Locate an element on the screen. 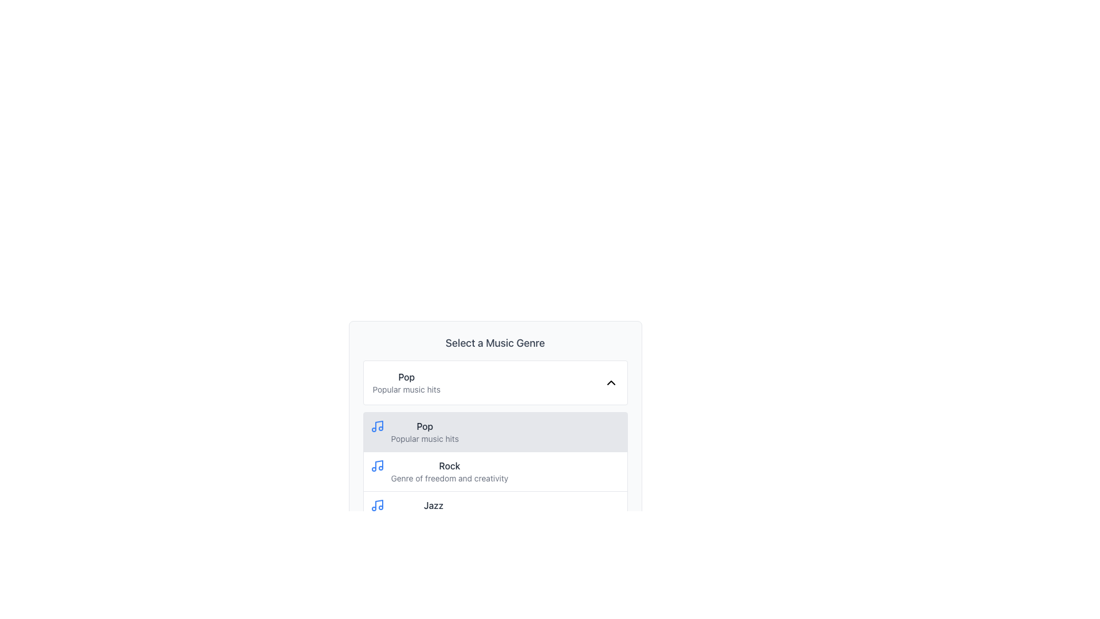 Image resolution: width=1100 pixels, height=619 pixels. the blue music icon styled with two eighth notes, which is located to the far left of the light gray rectangular selection box containing the text 'Pop' and 'Popular music hits' is located at coordinates (377, 426).